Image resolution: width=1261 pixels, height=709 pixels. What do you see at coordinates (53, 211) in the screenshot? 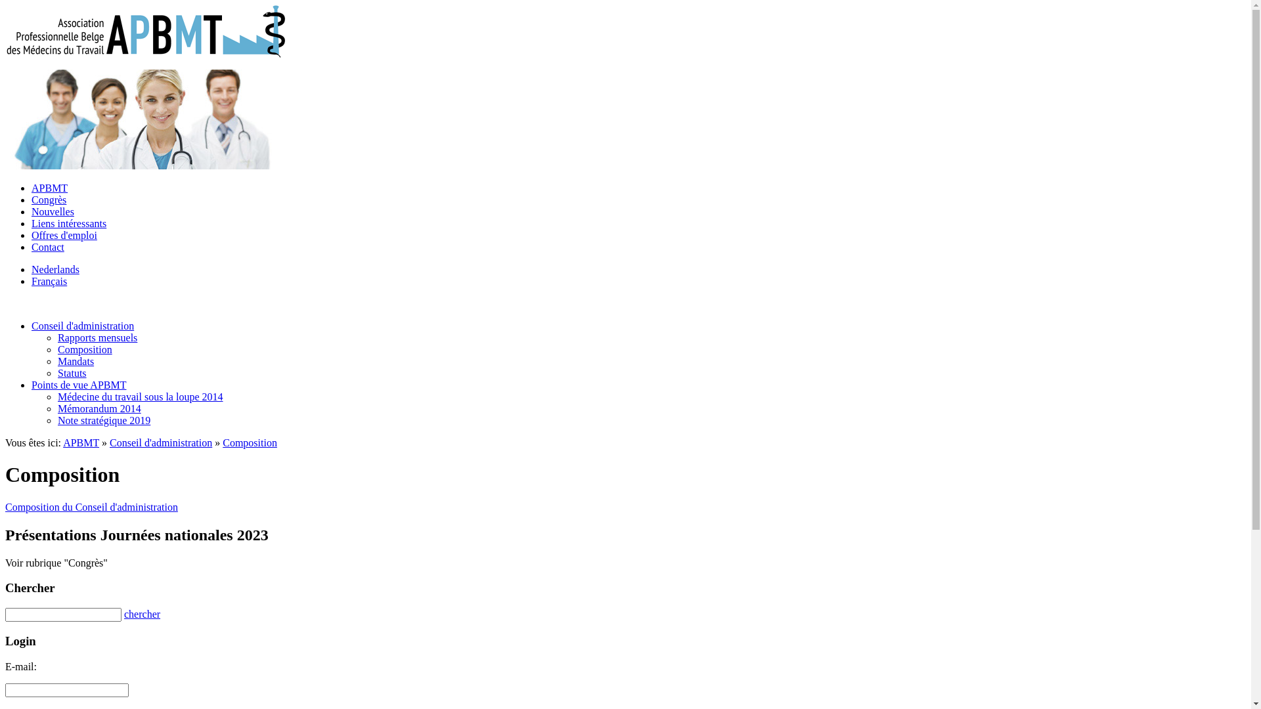
I see `'Nouvelles'` at bounding box center [53, 211].